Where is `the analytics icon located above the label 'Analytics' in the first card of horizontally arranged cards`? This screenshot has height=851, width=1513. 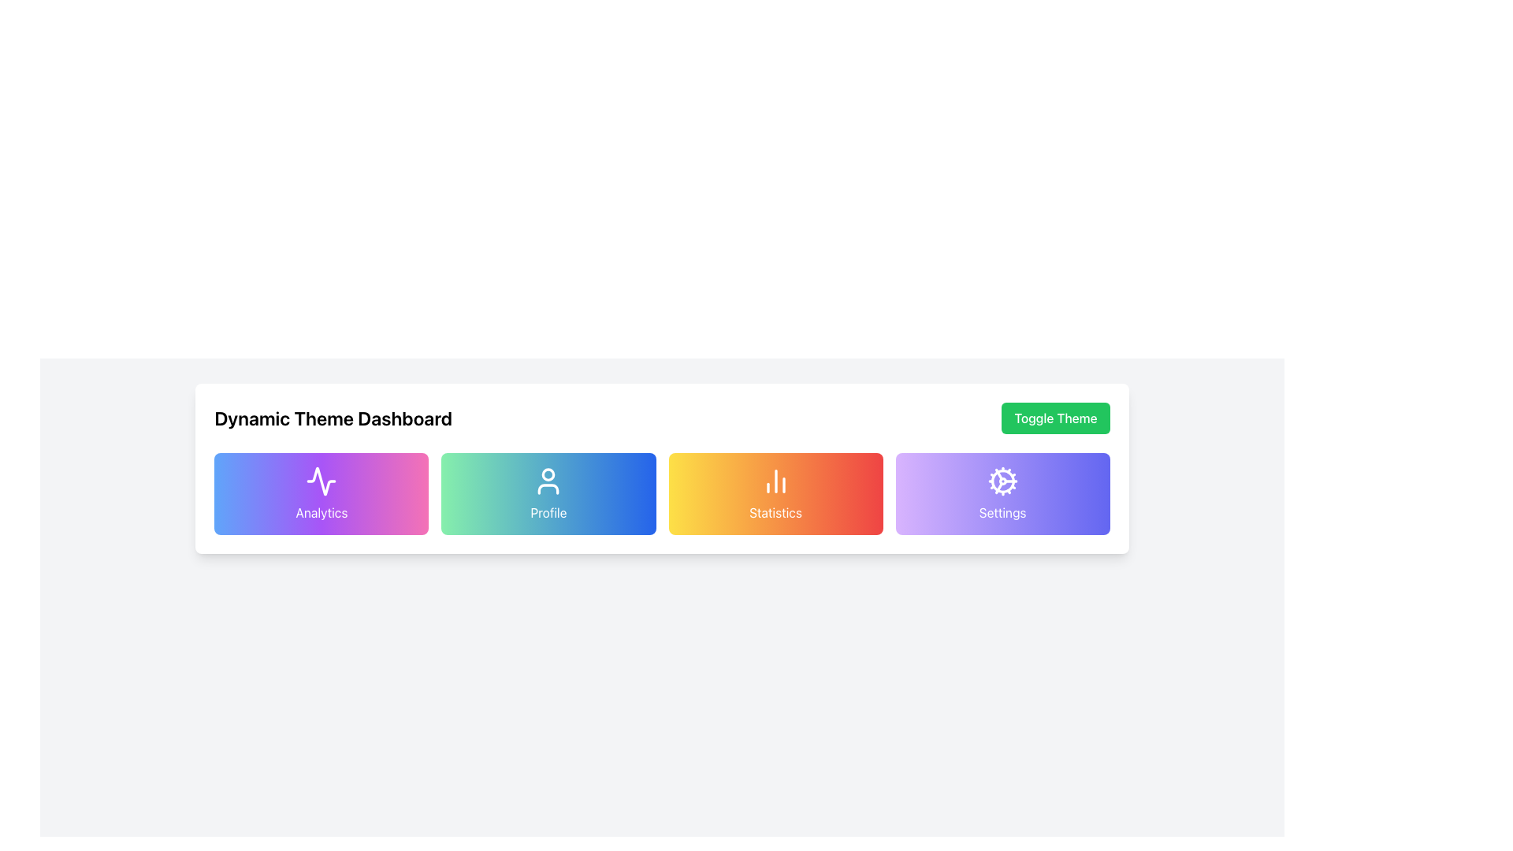
the analytics icon located above the label 'Analytics' in the first card of horizontally arranged cards is located at coordinates (321, 480).